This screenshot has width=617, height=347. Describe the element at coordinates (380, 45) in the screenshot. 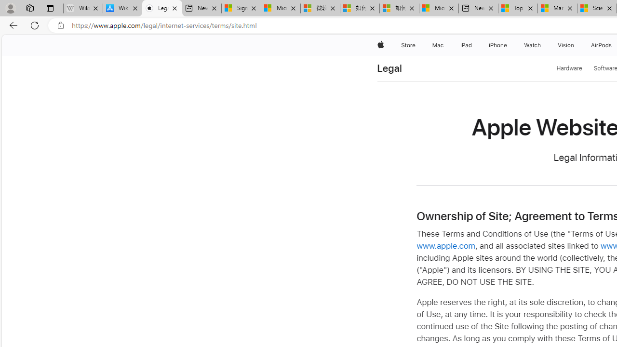

I see `'Apple'` at that location.